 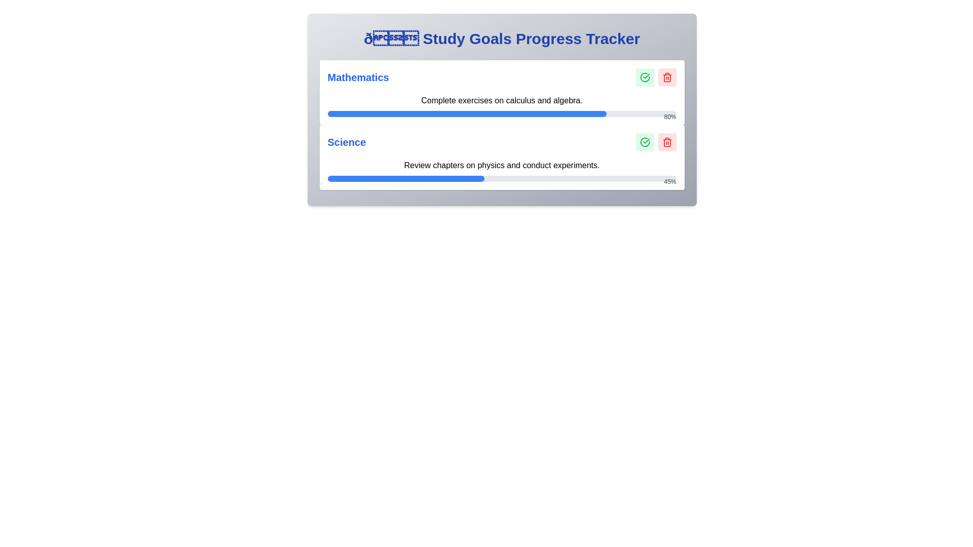 I want to click on the text label that indicates the user's activity or challenge in the mathematics section, which is horizontally centered and positioned above progress indicators, so click(x=502, y=101).